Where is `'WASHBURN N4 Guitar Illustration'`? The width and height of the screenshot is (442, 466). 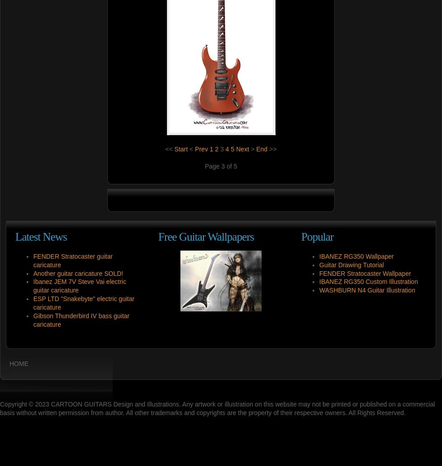 'WASHBURN N4 Guitar Illustration' is located at coordinates (319, 290).